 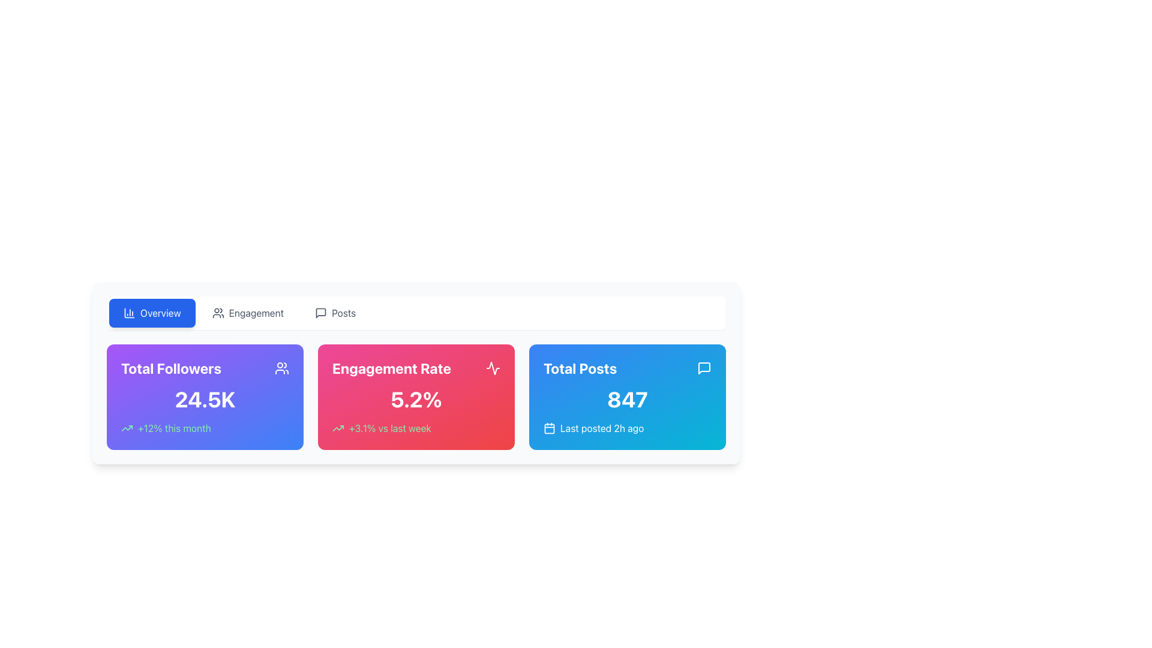 What do you see at coordinates (130, 312) in the screenshot?
I see `the 'Overview' button, which contains the icon that visually represents its concept, located on the far left of the navigation area at the top of the interface` at bounding box center [130, 312].